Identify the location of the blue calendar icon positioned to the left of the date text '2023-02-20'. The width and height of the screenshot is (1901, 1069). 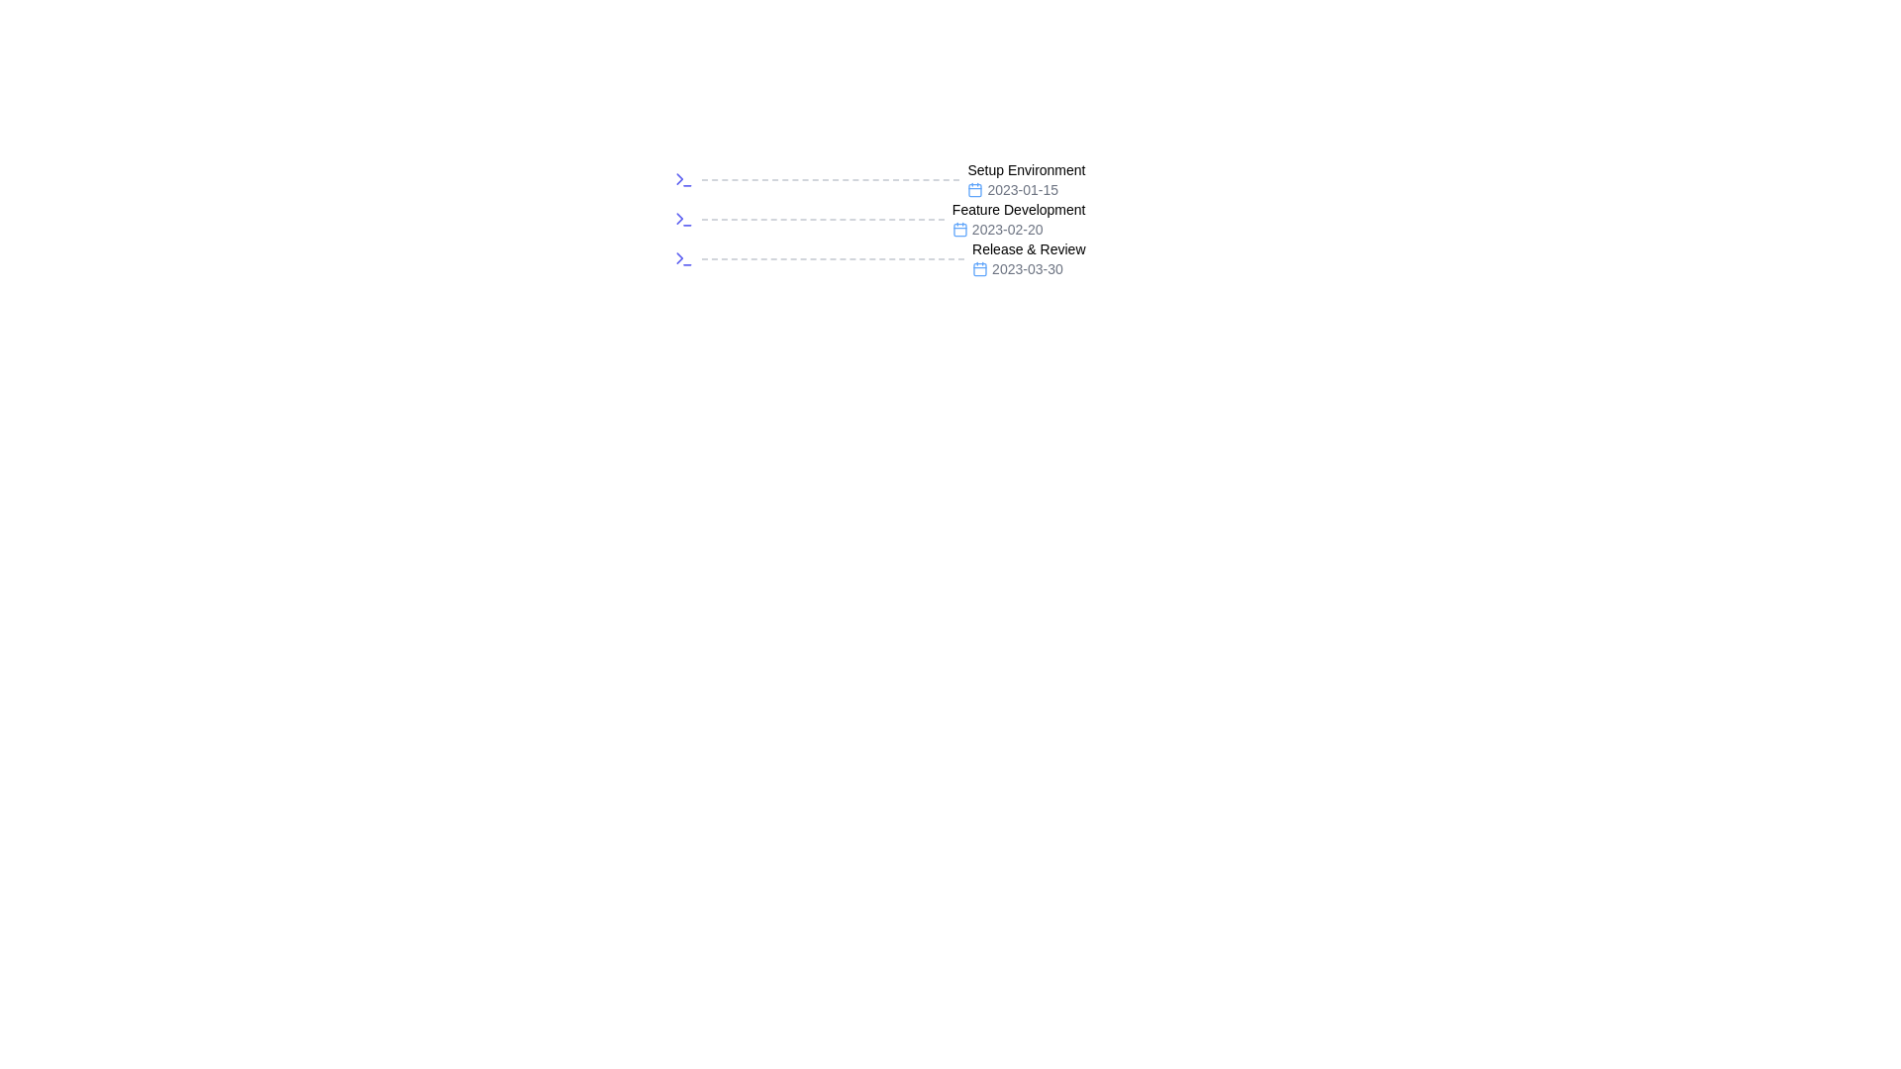
(959, 228).